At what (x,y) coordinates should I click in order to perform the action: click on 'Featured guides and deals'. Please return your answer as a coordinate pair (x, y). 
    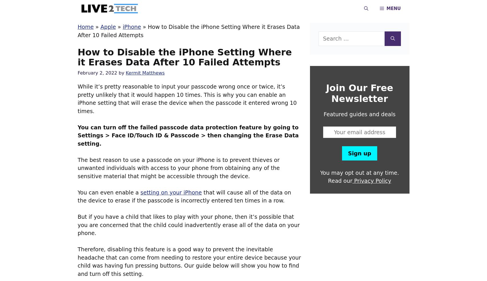
    Looking at the image, I should click on (359, 114).